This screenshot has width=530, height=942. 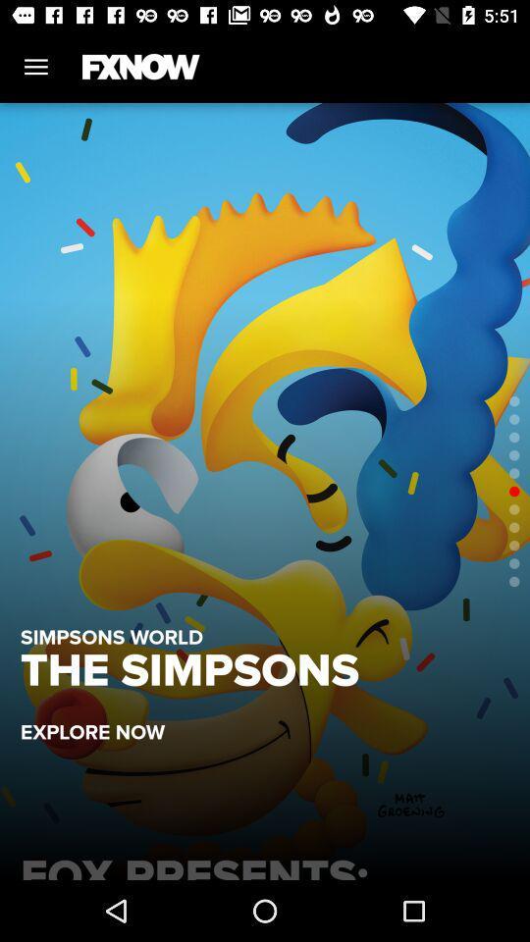 I want to click on explore now item, so click(x=102, y=721).